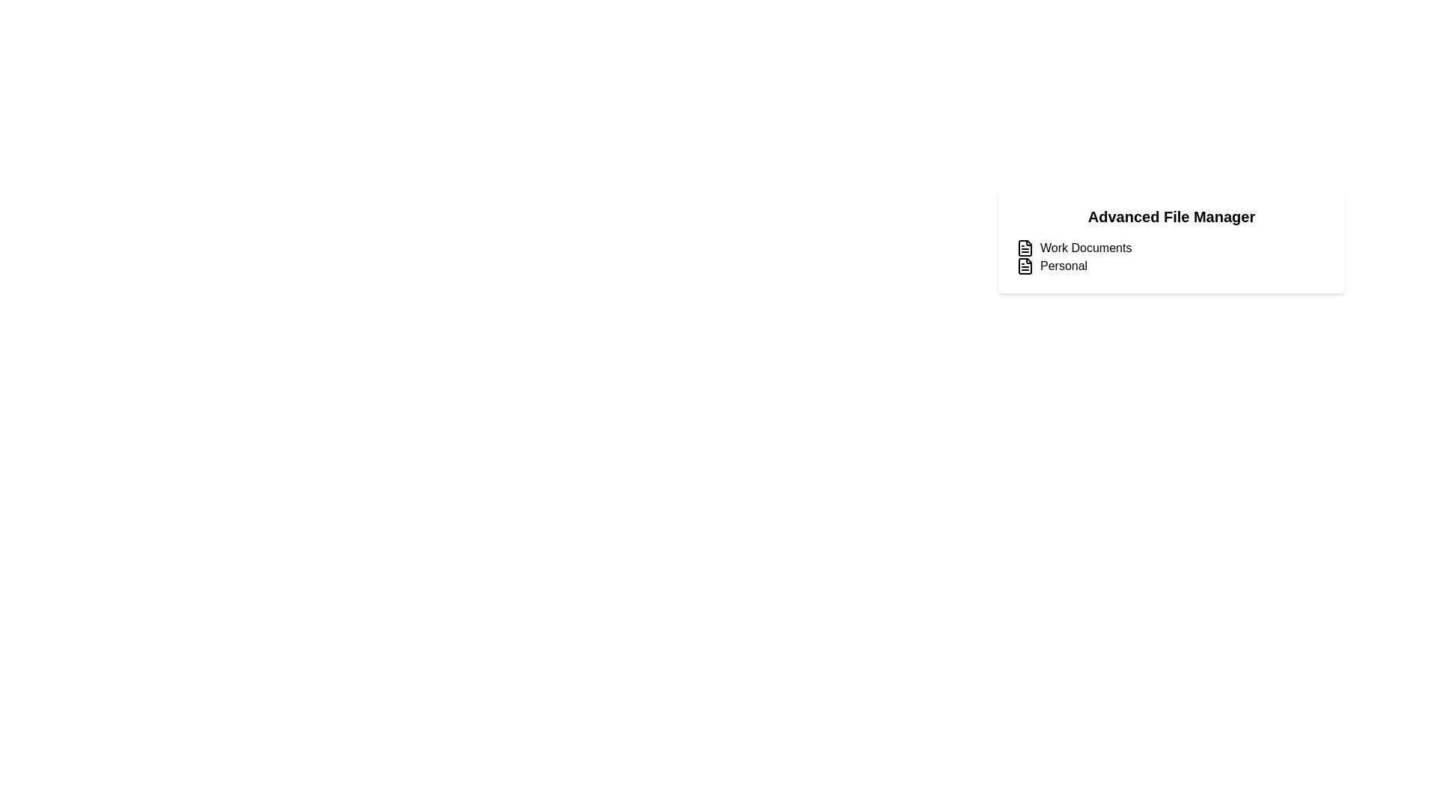 This screenshot has width=1437, height=808. I want to click on the graphical icon representing 'Work Documents', so click(1024, 247).